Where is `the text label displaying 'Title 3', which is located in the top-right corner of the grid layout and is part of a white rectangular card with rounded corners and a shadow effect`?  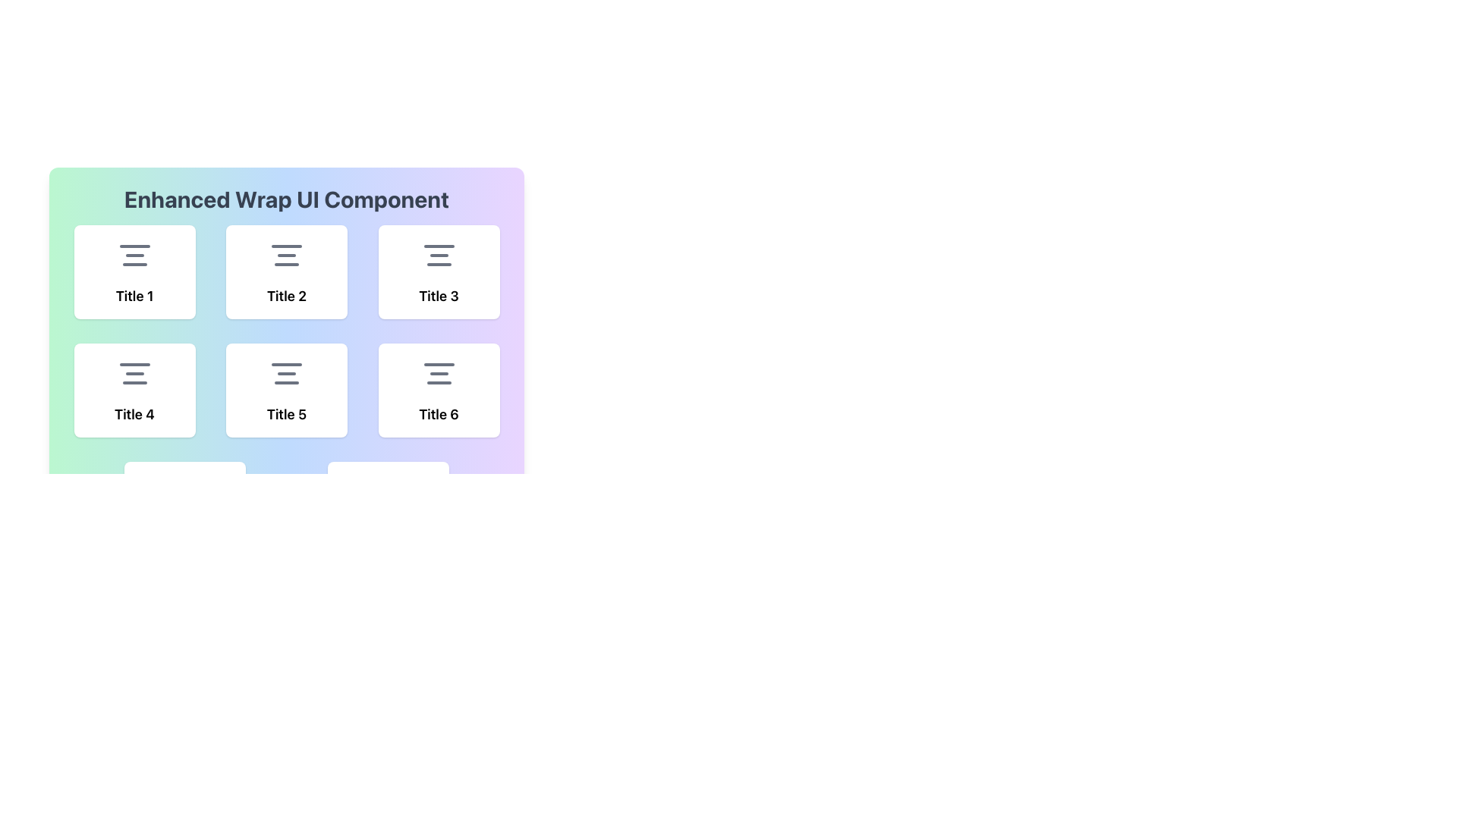
the text label displaying 'Title 3', which is located in the top-right corner of the grid layout and is part of a white rectangular card with rounded corners and a shadow effect is located at coordinates (438, 296).